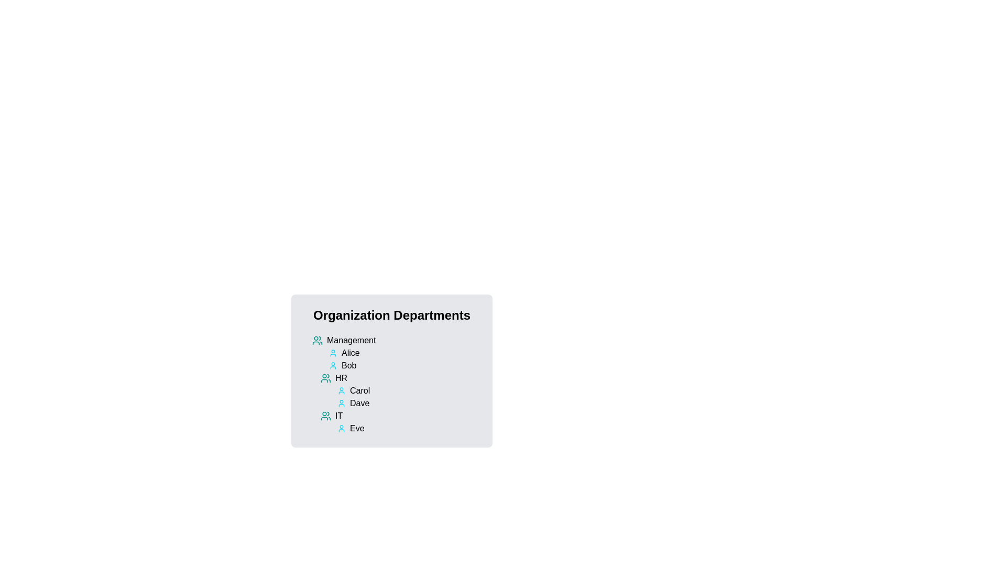 This screenshot has height=566, width=1006. What do you see at coordinates (408, 390) in the screenshot?
I see `the list item representing the user 'Carol' under the HR department for user-specific actions or details` at bounding box center [408, 390].